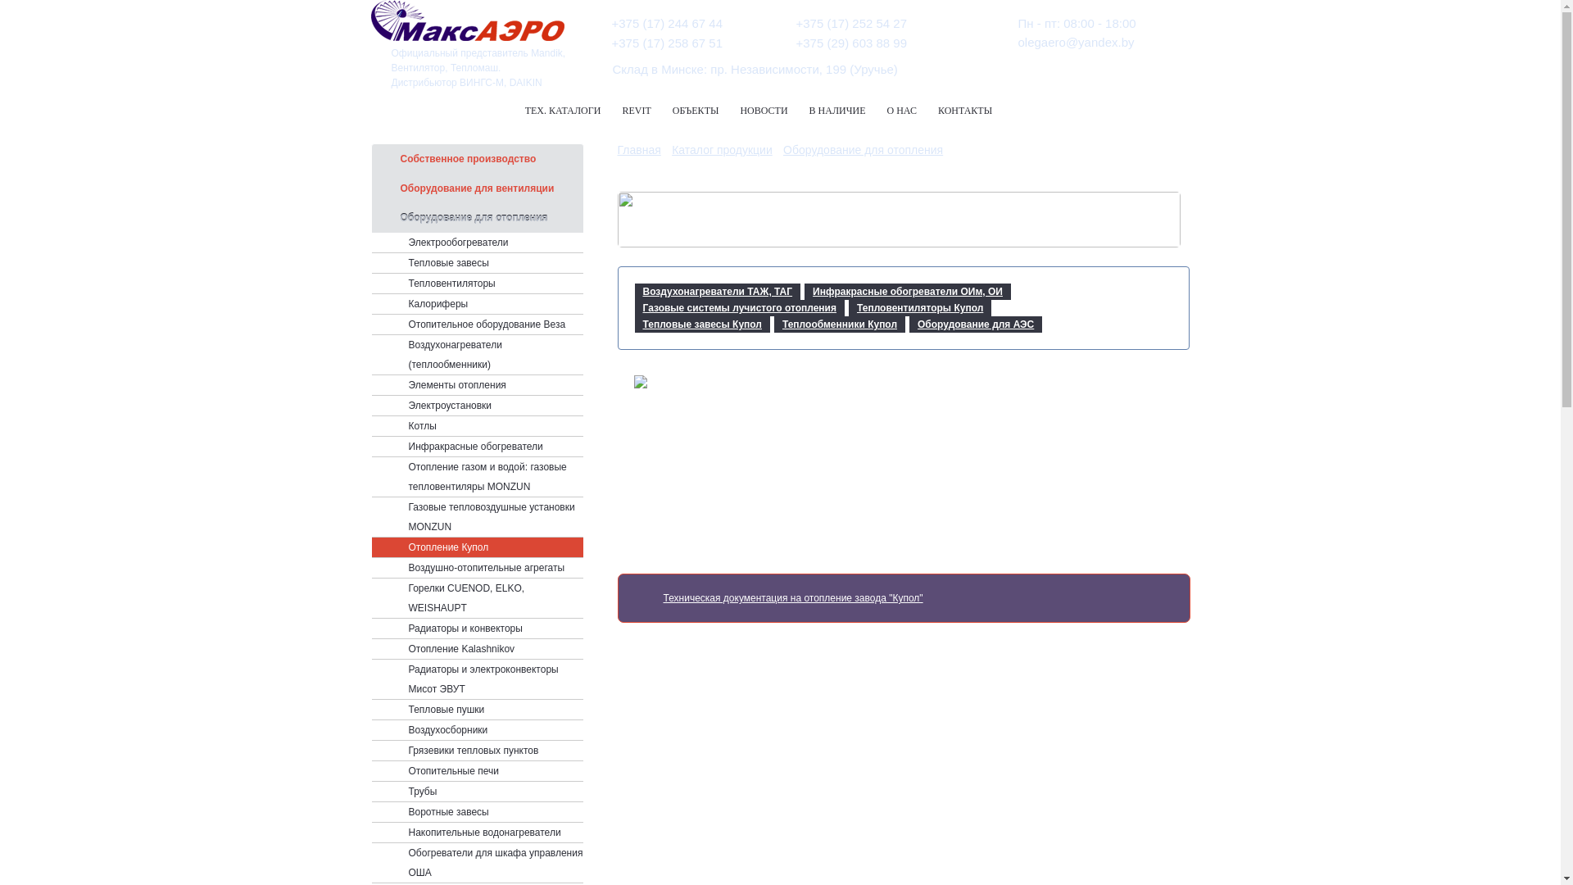 Image resolution: width=1573 pixels, height=885 pixels. What do you see at coordinates (1017, 41) in the screenshot?
I see `'olegaero@yandex.by'` at bounding box center [1017, 41].